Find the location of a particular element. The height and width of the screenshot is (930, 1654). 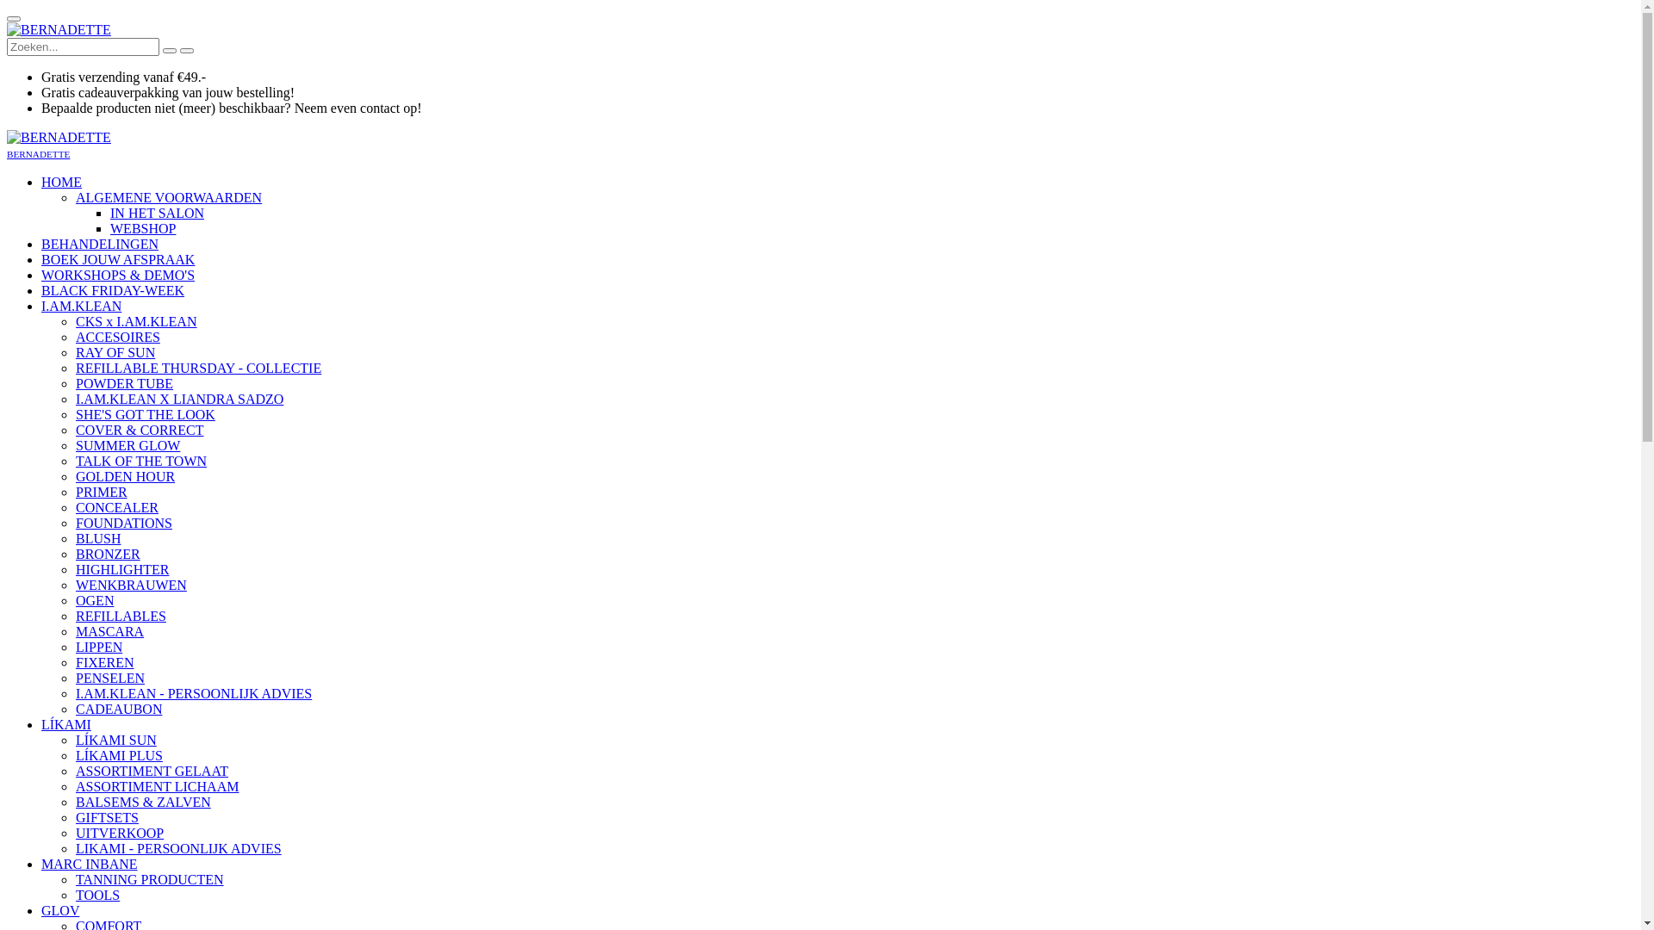

'COVER & CORRECT' is located at coordinates (140, 429).